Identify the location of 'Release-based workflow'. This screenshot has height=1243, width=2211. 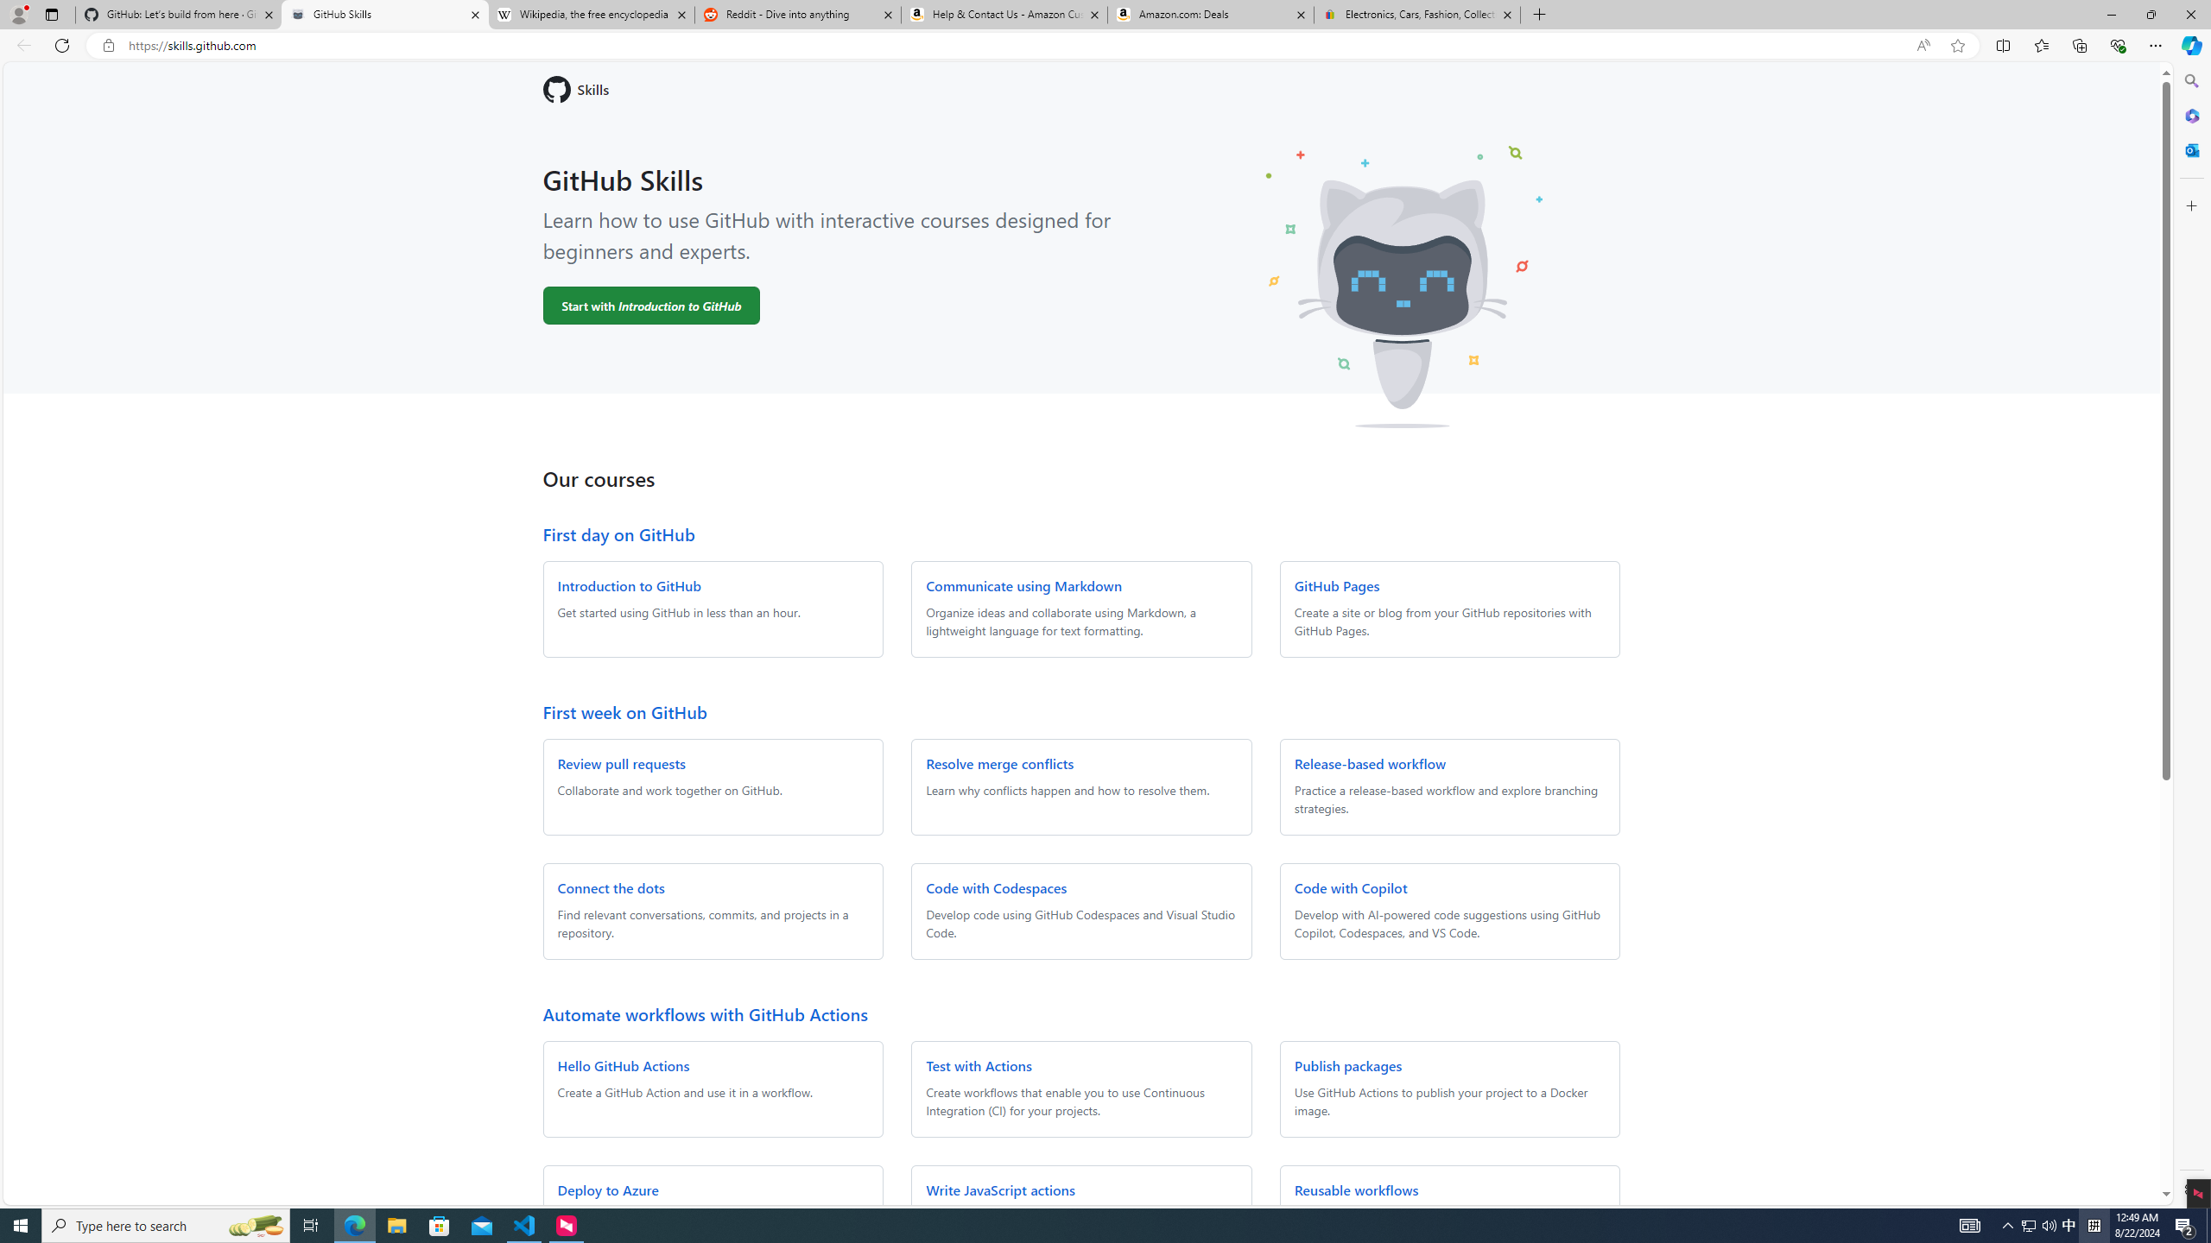
(1369, 763).